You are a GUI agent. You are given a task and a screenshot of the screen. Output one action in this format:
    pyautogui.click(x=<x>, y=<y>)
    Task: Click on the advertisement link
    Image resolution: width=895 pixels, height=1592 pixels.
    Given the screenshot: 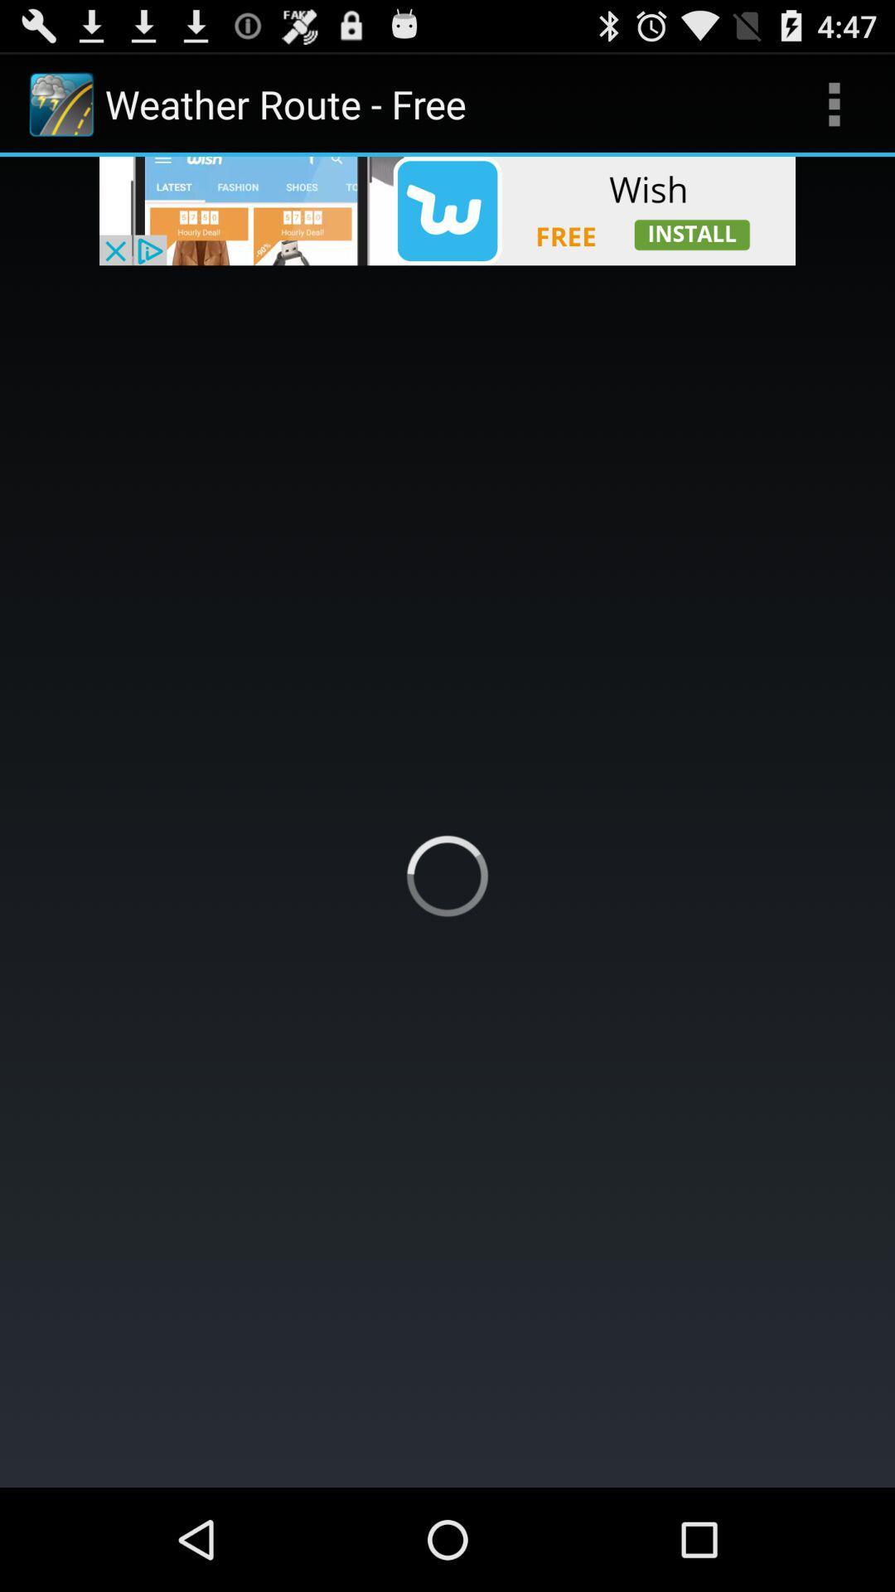 What is the action you would take?
    pyautogui.click(x=447, y=210)
    